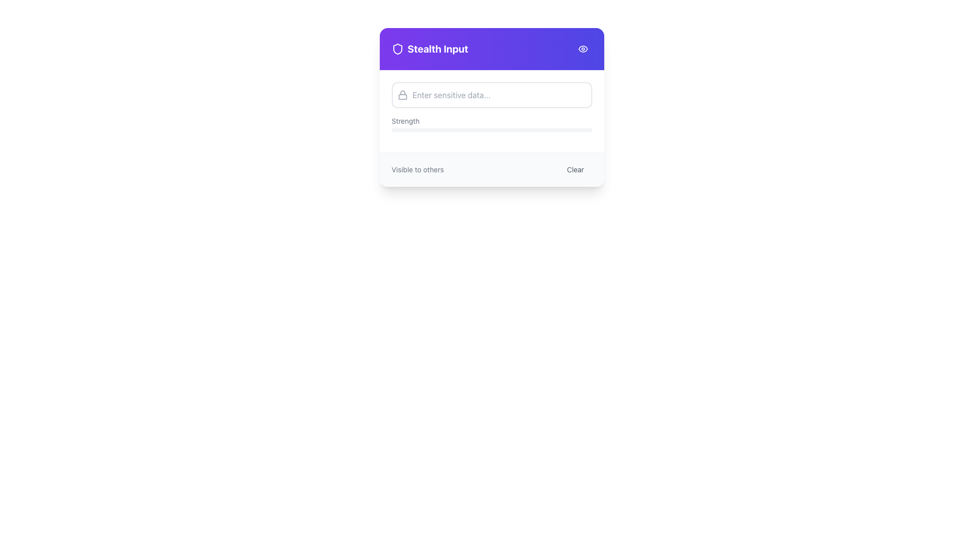  What do you see at coordinates (397, 49) in the screenshot?
I see `the stylized shield icon located in the top-left corner of the modal interface, to the left of the 'Stealth Input' title` at bounding box center [397, 49].